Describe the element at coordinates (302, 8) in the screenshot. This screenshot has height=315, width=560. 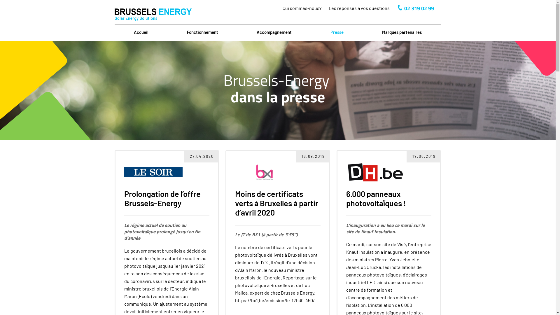
I see `'Qui sommes-nous?'` at that location.